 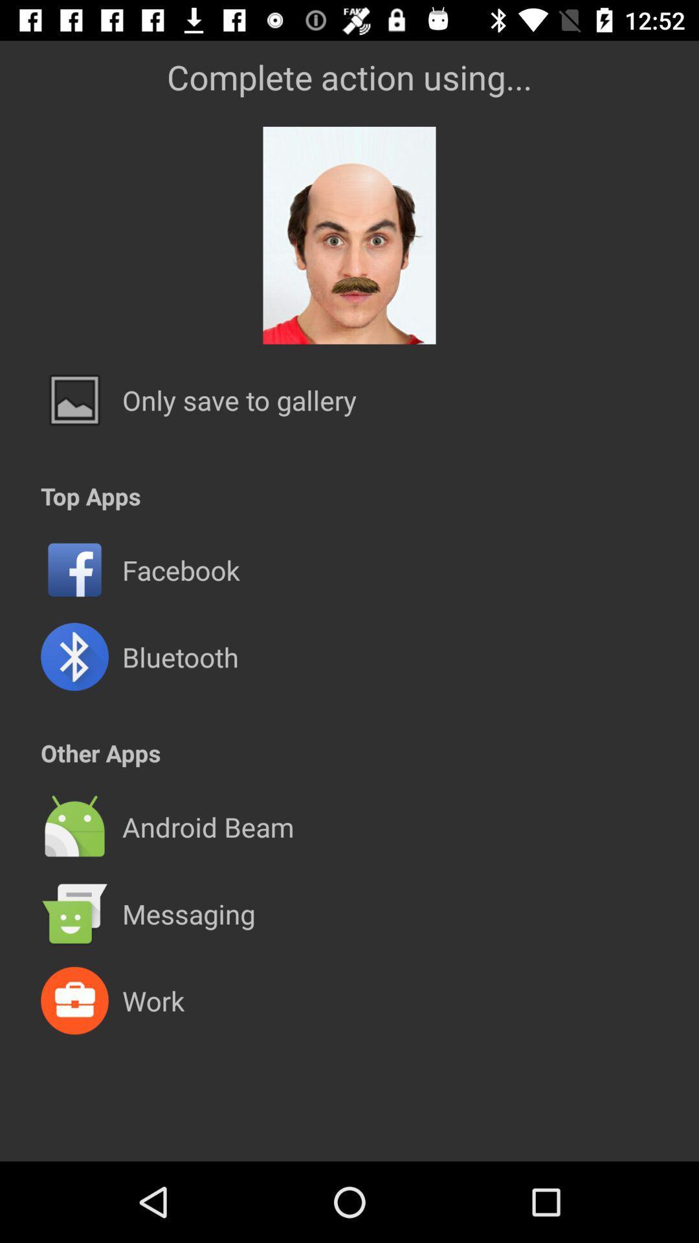 I want to click on the icon below other apps item, so click(x=349, y=783).